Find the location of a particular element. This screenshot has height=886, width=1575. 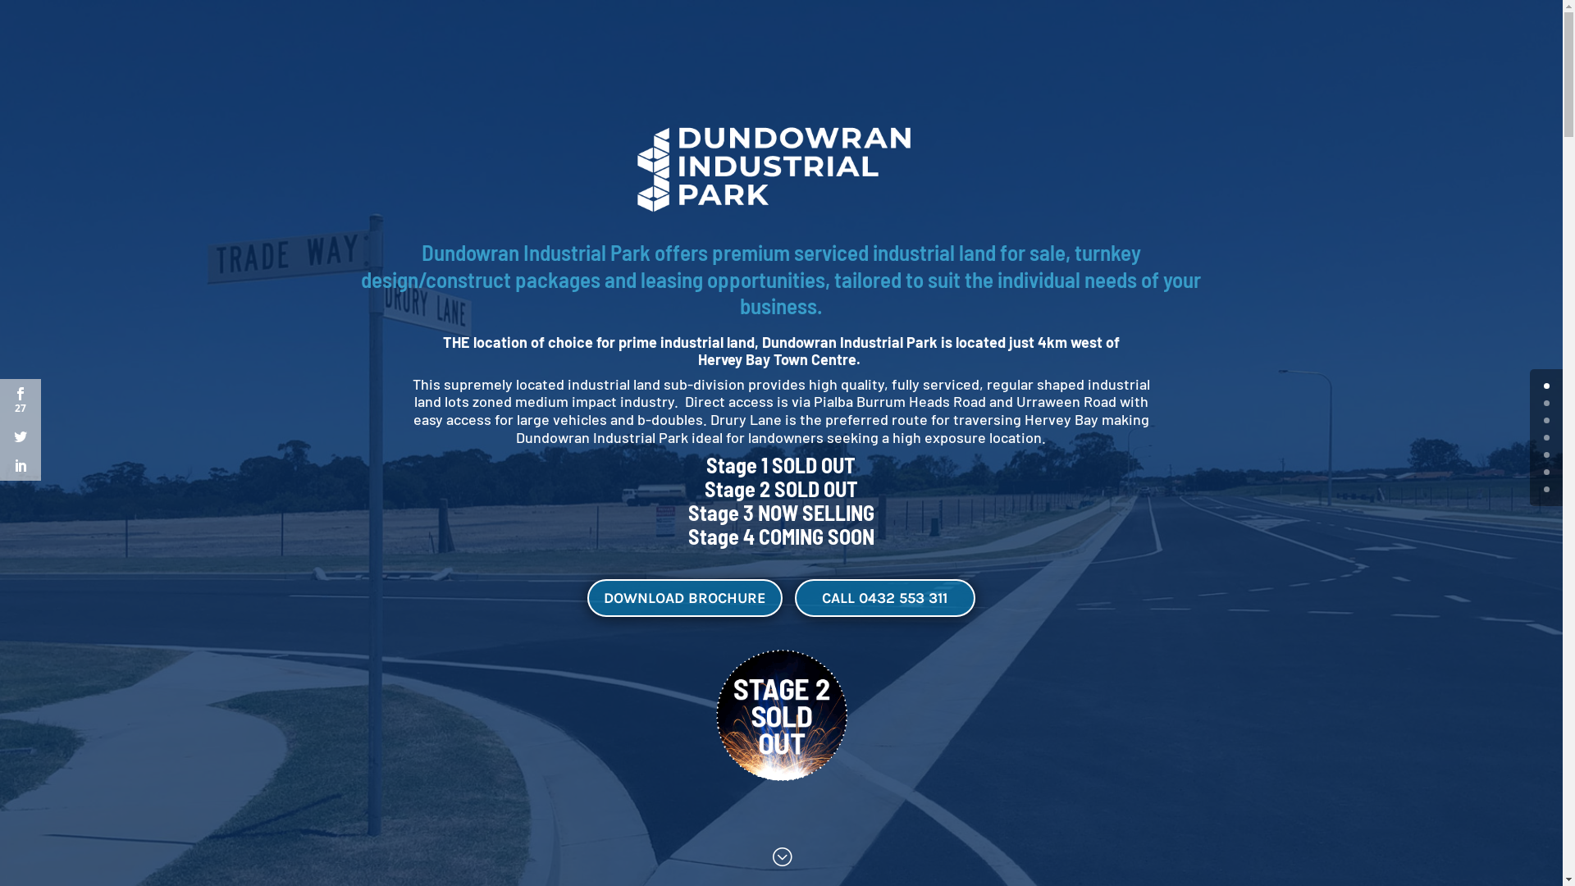

'5' is located at coordinates (1545, 472).